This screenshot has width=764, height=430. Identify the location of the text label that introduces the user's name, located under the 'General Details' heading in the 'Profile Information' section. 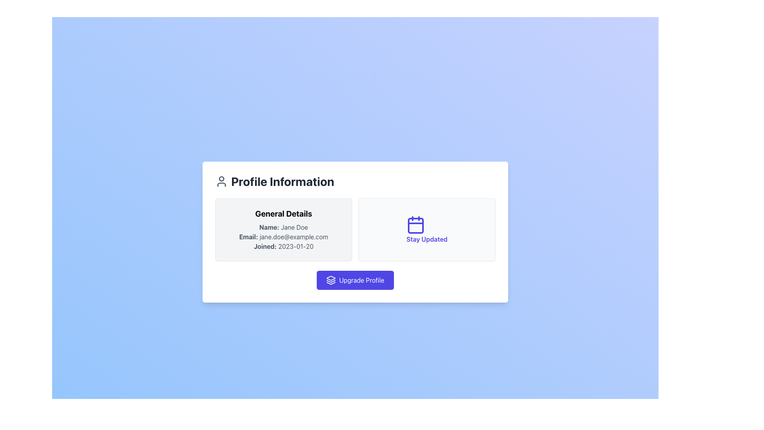
(269, 227).